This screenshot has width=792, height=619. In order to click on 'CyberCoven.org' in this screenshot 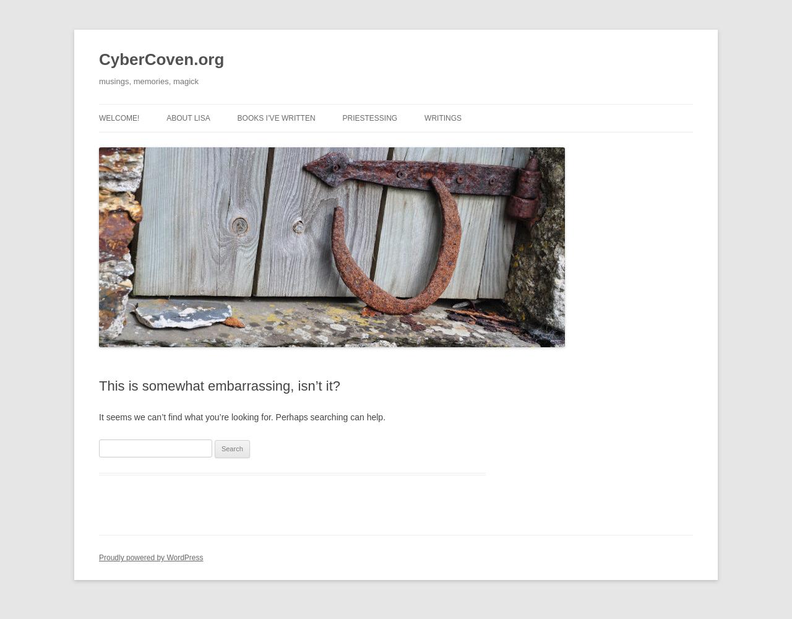, I will do `click(160, 59)`.